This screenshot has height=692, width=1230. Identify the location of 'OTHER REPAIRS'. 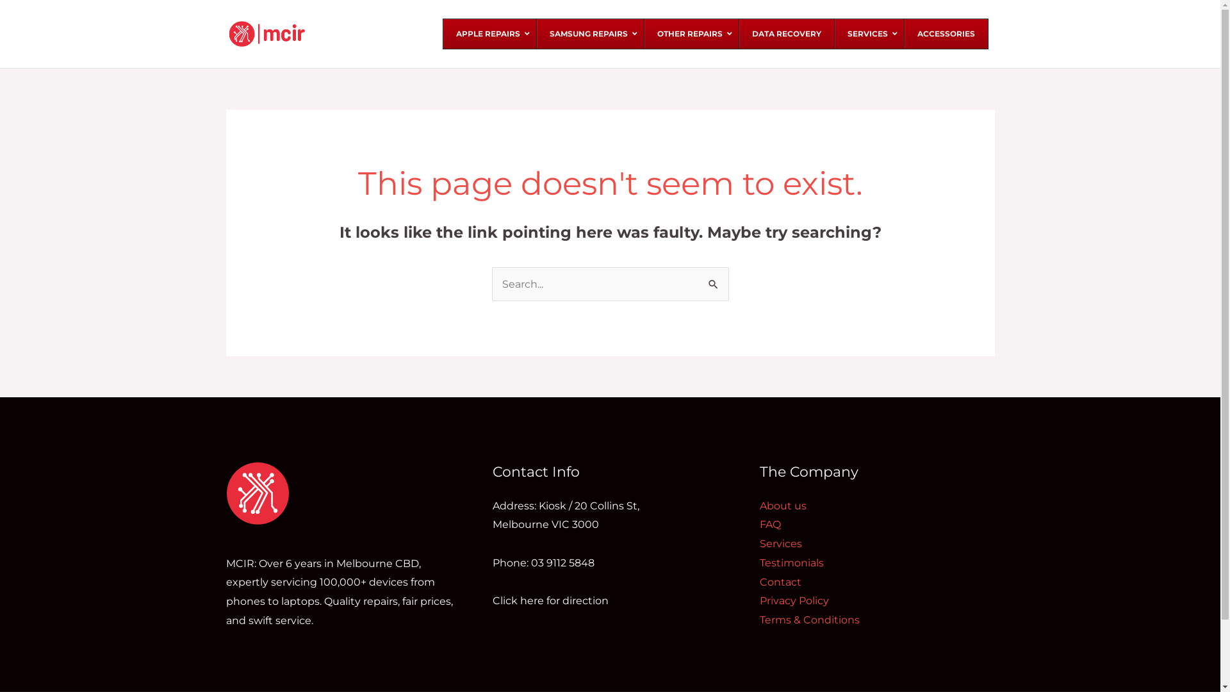
(690, 33).